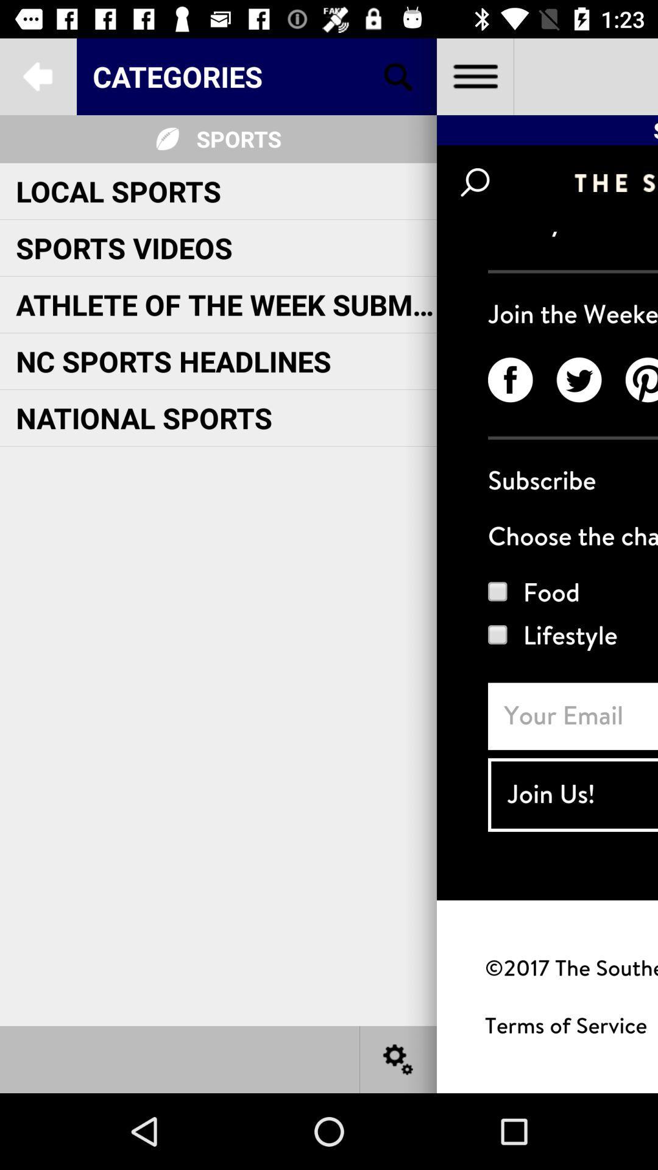 The width and height of the screenshot is (658, 1170). Describe the element at coordinates (474, 76) in the screenshot. I see `the menu icon` at that location.